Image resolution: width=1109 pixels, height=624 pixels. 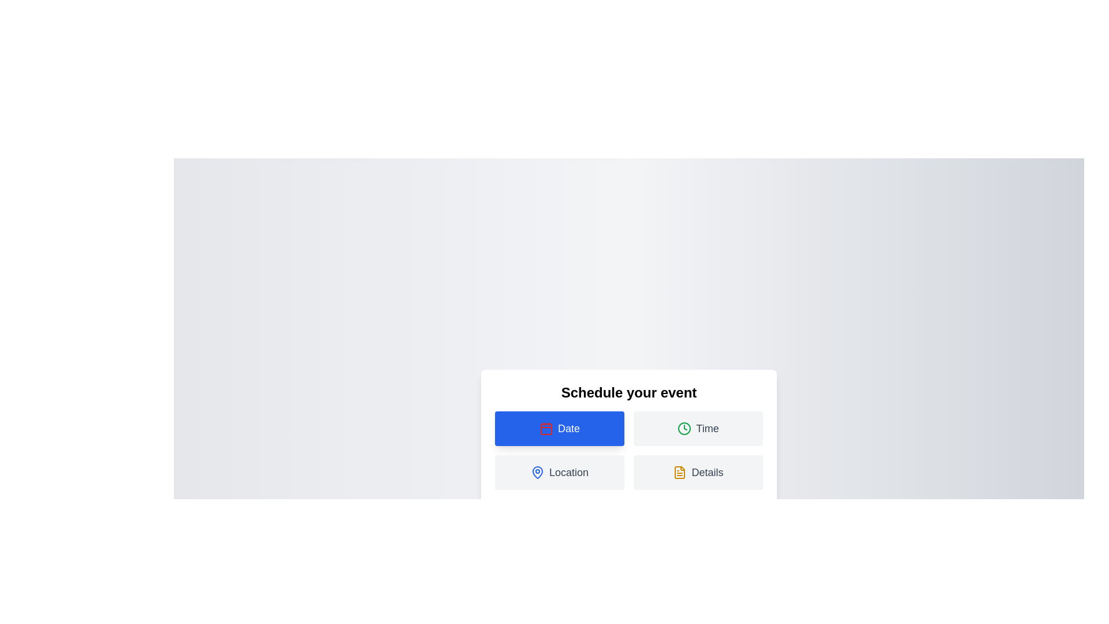 What do you see at coordinates (684, 428) in the screenshot?
I see `the SVG circle element that outlines the clock illustration within the 'Time' button located in the top-right corner of the button grid` at bounding box center [684, 428].